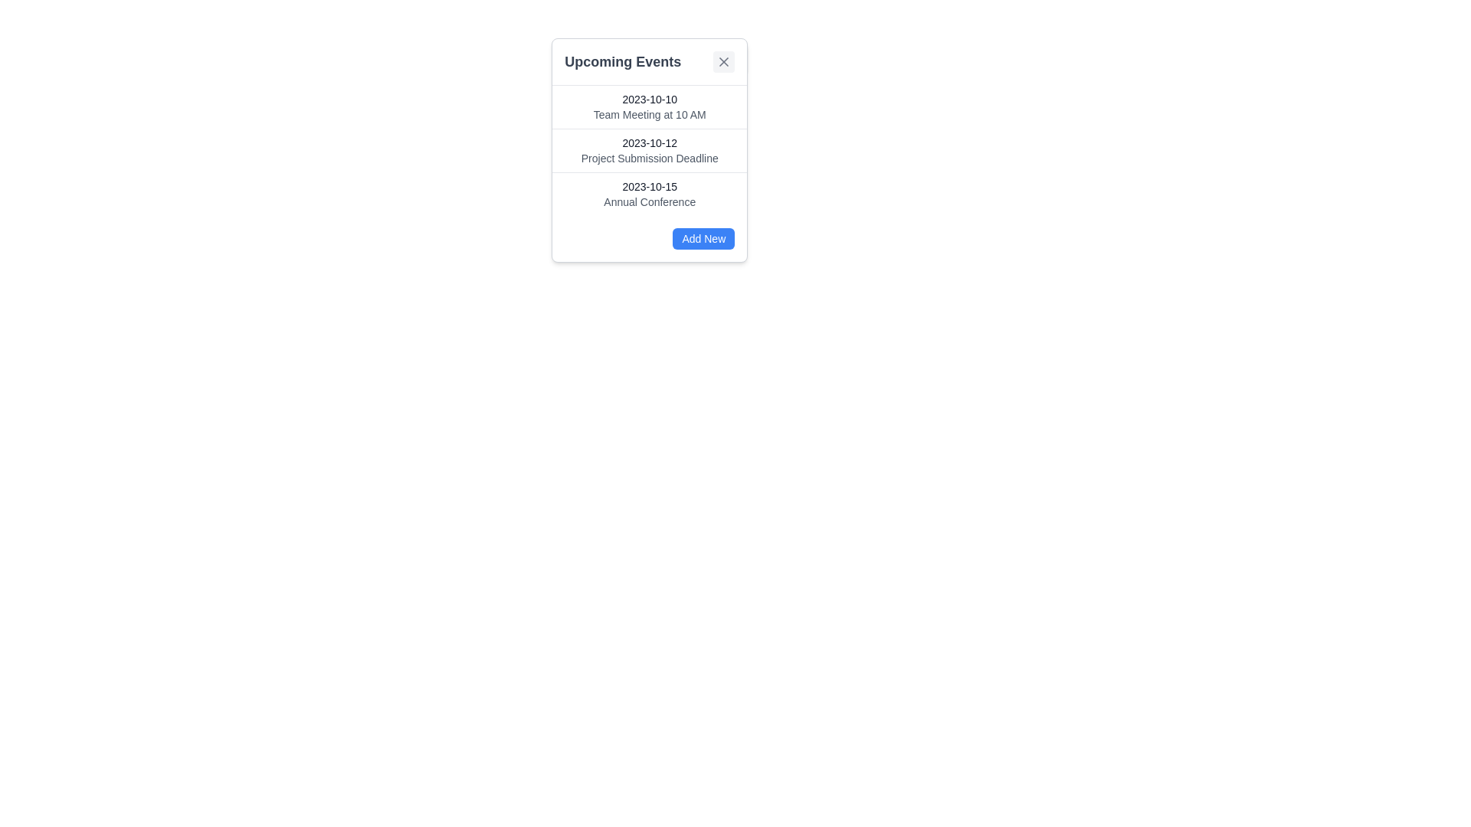 This screenshot has height=827, width=1471. Describe the element at coordinates (623, 61) in the screenshot. I see `the text label that serves as the title for the upcoming events section, which is positioned at the top left of the modal-style component` at that location.